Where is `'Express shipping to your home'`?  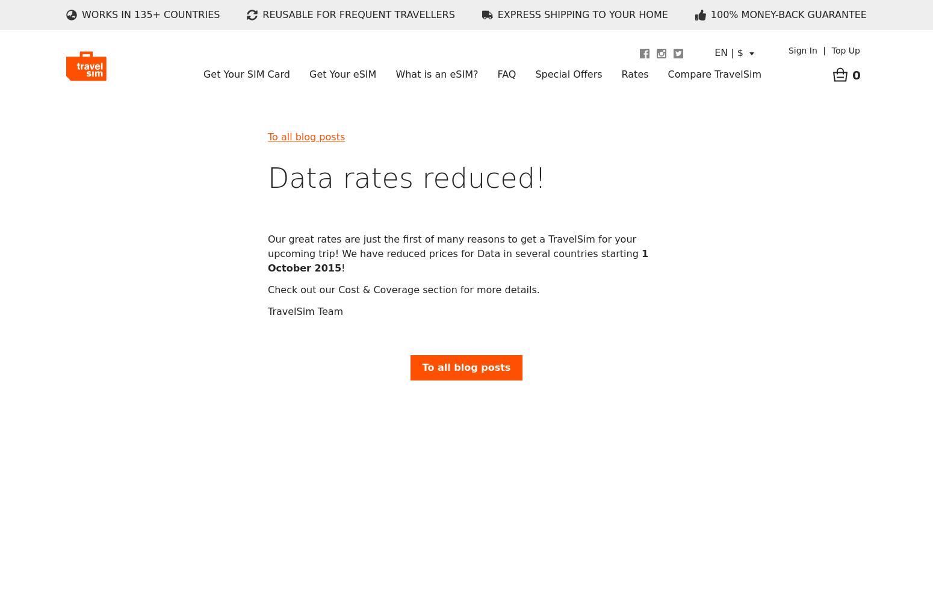
'Express shipping to your home' is located at coordinates (581, 14).